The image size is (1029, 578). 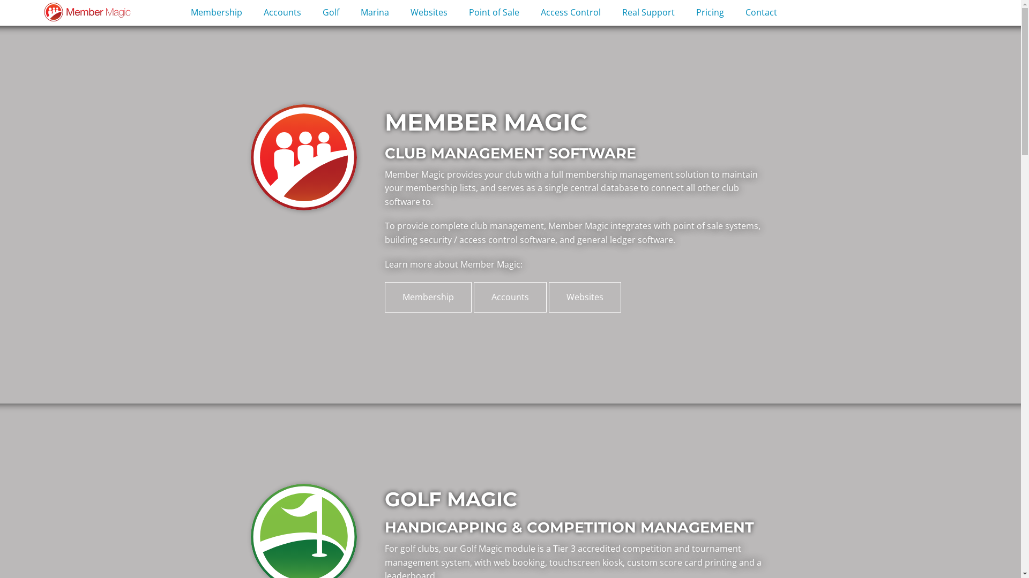 What do you see at coordinates (734, 13) in the screenshot?
I see `'Contact'` at bounding box center [734, 13].